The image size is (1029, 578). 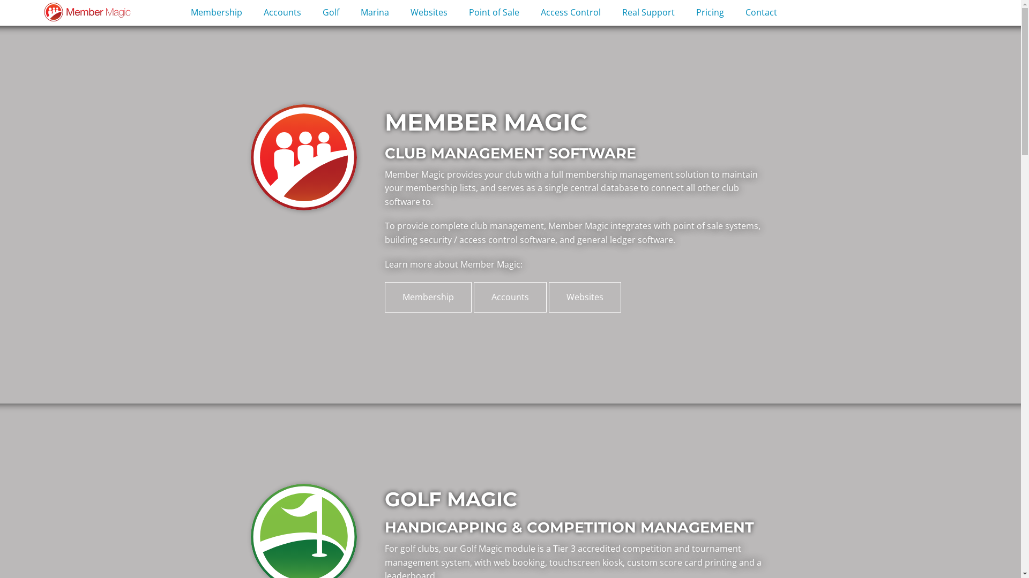 What do you see at coordinates (734, 13) in the screenshot?
I see `'Contact'` at bounding box center [734, 13].